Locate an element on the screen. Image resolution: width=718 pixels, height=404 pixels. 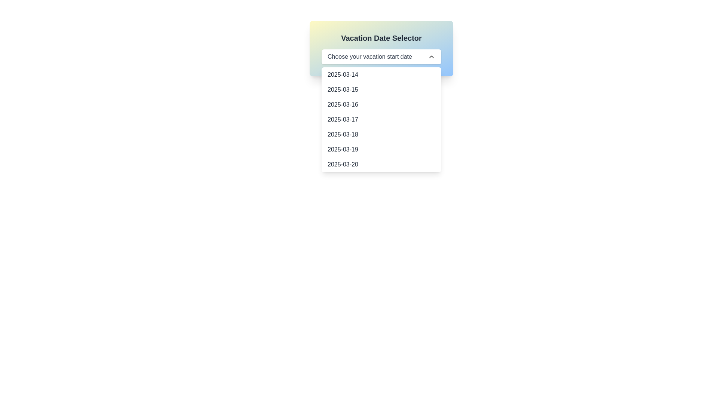
the sixth item in the dropdown list for selecting the date '2025-03-19' is located at coordinates (381, 150).